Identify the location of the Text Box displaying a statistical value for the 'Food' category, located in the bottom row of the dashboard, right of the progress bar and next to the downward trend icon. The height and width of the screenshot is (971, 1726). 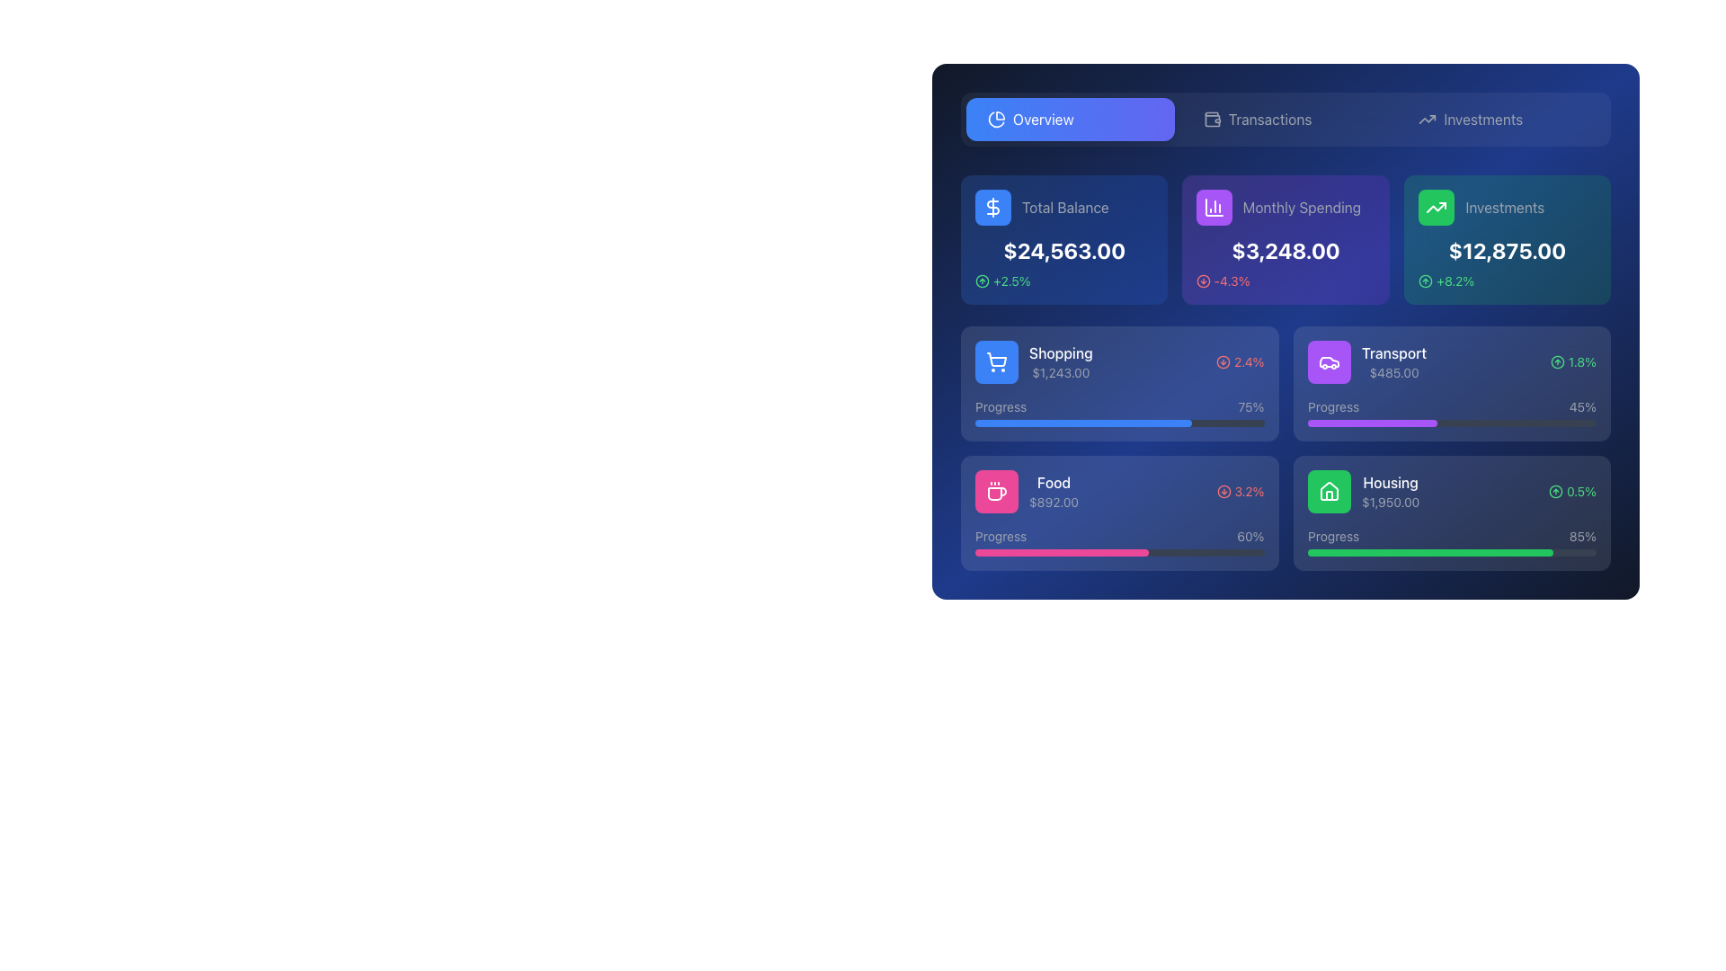
(1249, 492).